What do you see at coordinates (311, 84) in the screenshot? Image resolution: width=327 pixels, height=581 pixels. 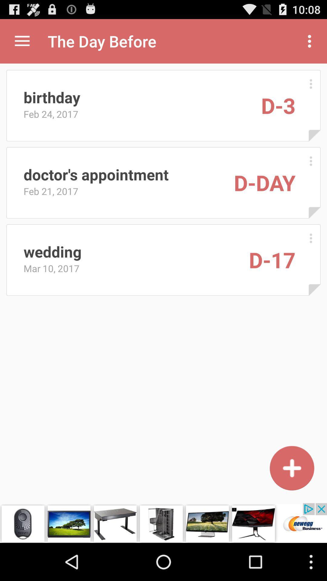 I see `open the options` at bounding box center [311, 84].